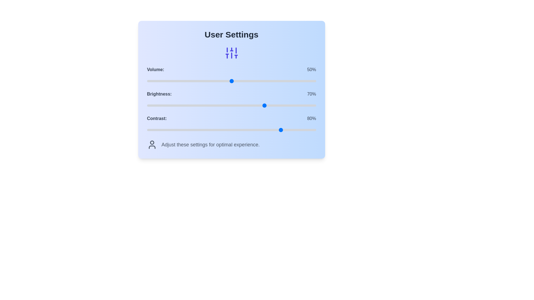 The image size is (534, 300). Describe the element at coordinates (204, 130) in the screenshot. I see `contrast` at that location.